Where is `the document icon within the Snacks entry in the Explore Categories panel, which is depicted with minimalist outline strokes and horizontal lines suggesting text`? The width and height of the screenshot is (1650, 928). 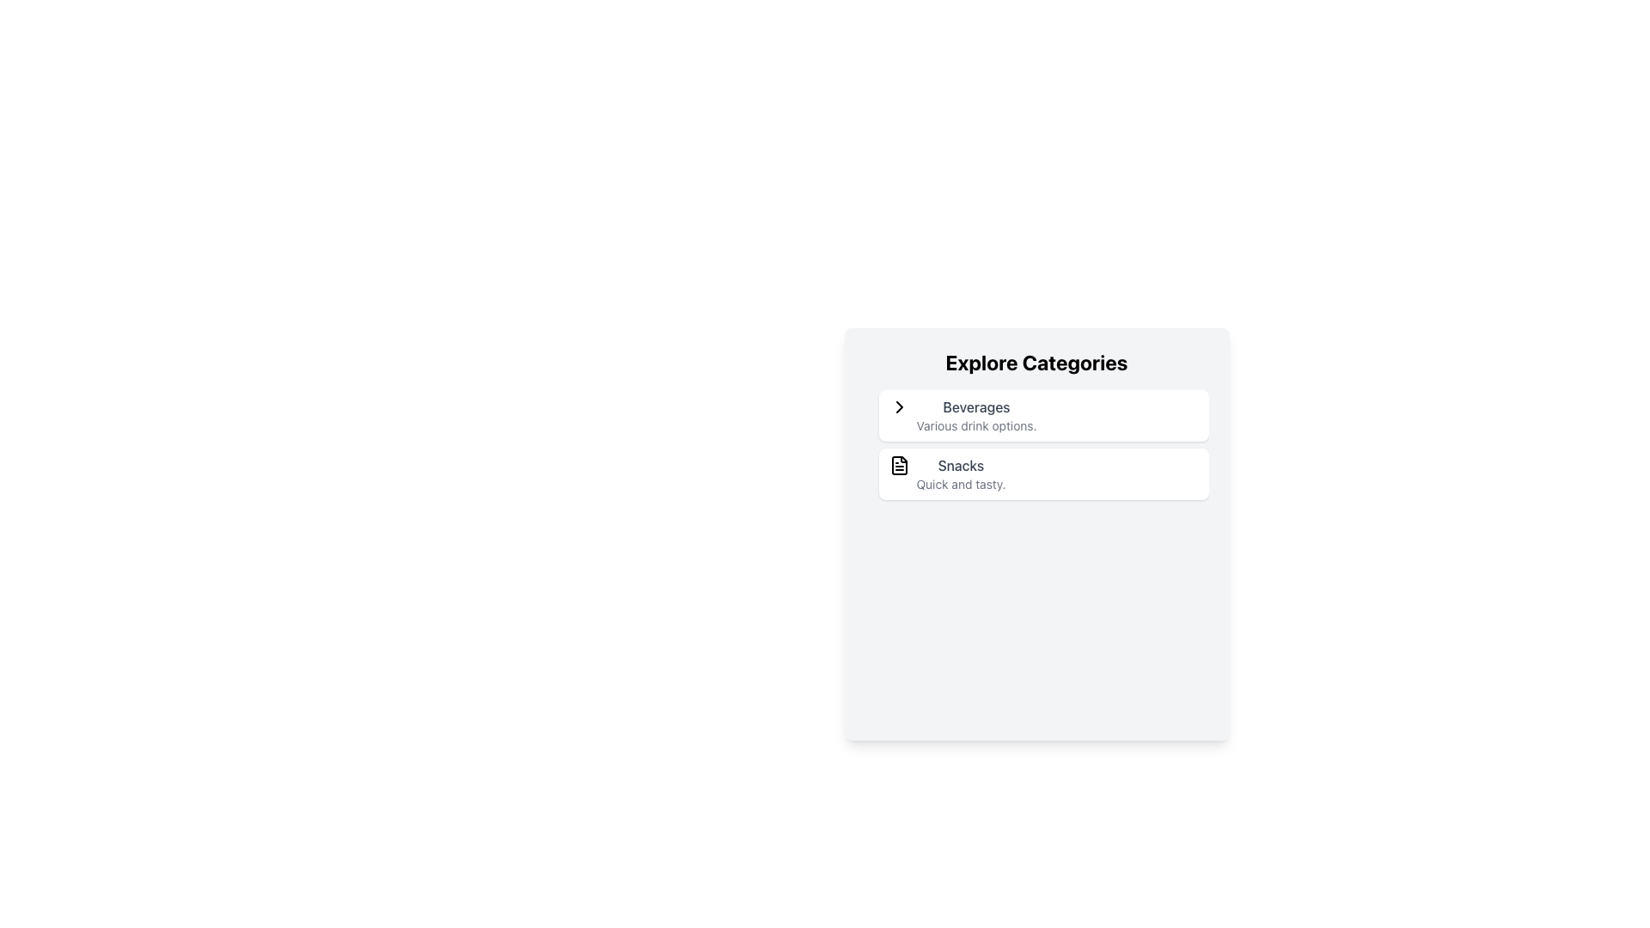
the document icon within the Snacks entry in the Explore Categories panel, which is depicted with minimalist outline strokes and horizontal lines suggesting text is located at coordinates (898, 466).